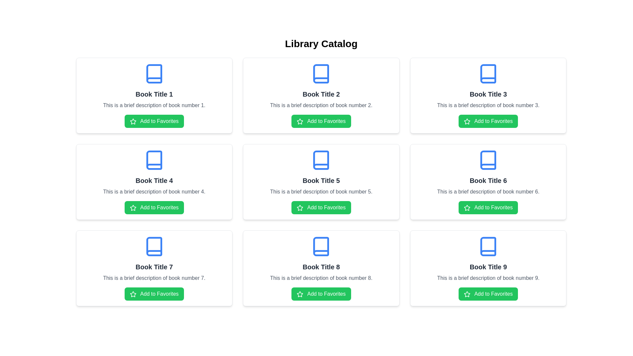  Describe the element at coordinates (321, 160) in the screenshot. I see `the icon resembling a book, which is part of the card labeled 'Book Title 5', positioned in the top-center area of the card, directly under the title text` at that location.